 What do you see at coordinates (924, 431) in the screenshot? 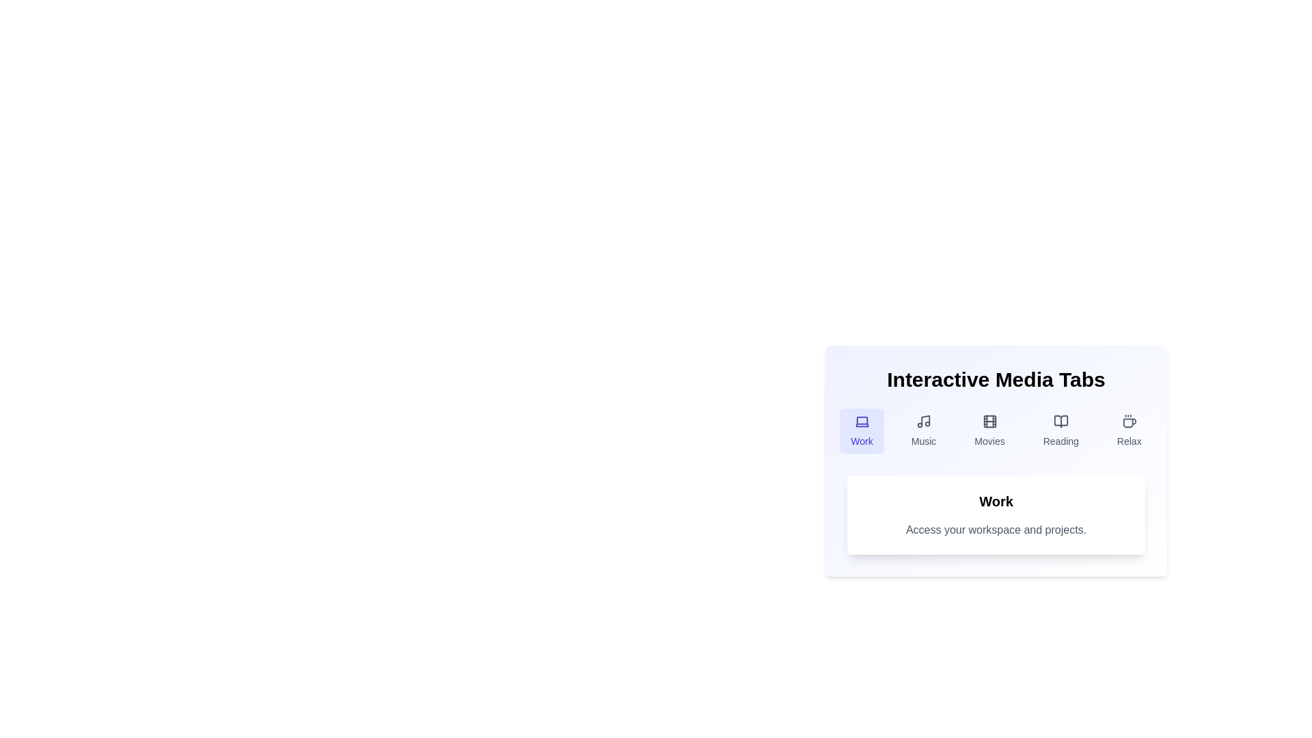
I see `the tab labeled Music by clicking on it` at bounding box center [924, 431].